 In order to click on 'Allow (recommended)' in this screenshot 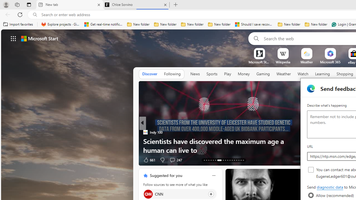, I will do `click(311, 195)`.